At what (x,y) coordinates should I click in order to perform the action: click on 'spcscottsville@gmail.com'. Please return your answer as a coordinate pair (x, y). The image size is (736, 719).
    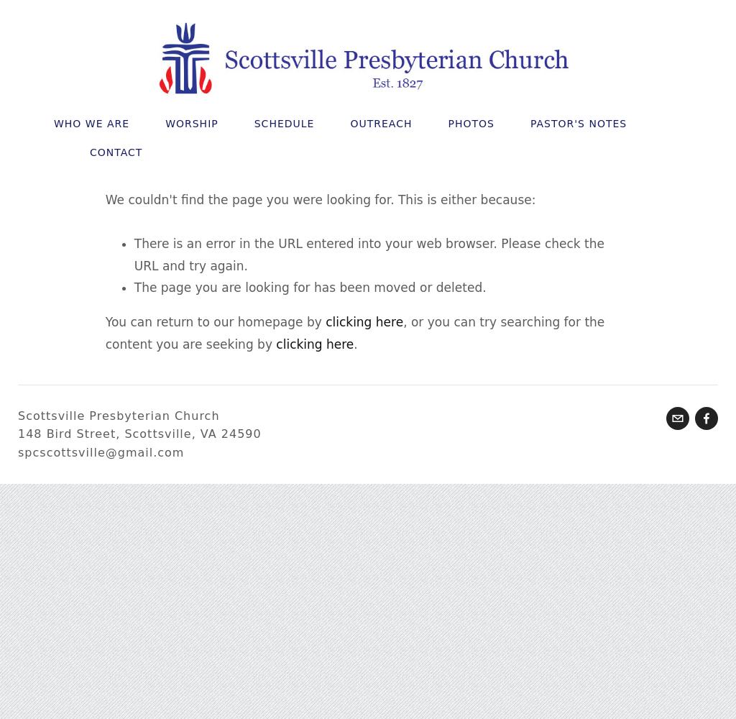
    Looking at the image, I should click on (100, 452).